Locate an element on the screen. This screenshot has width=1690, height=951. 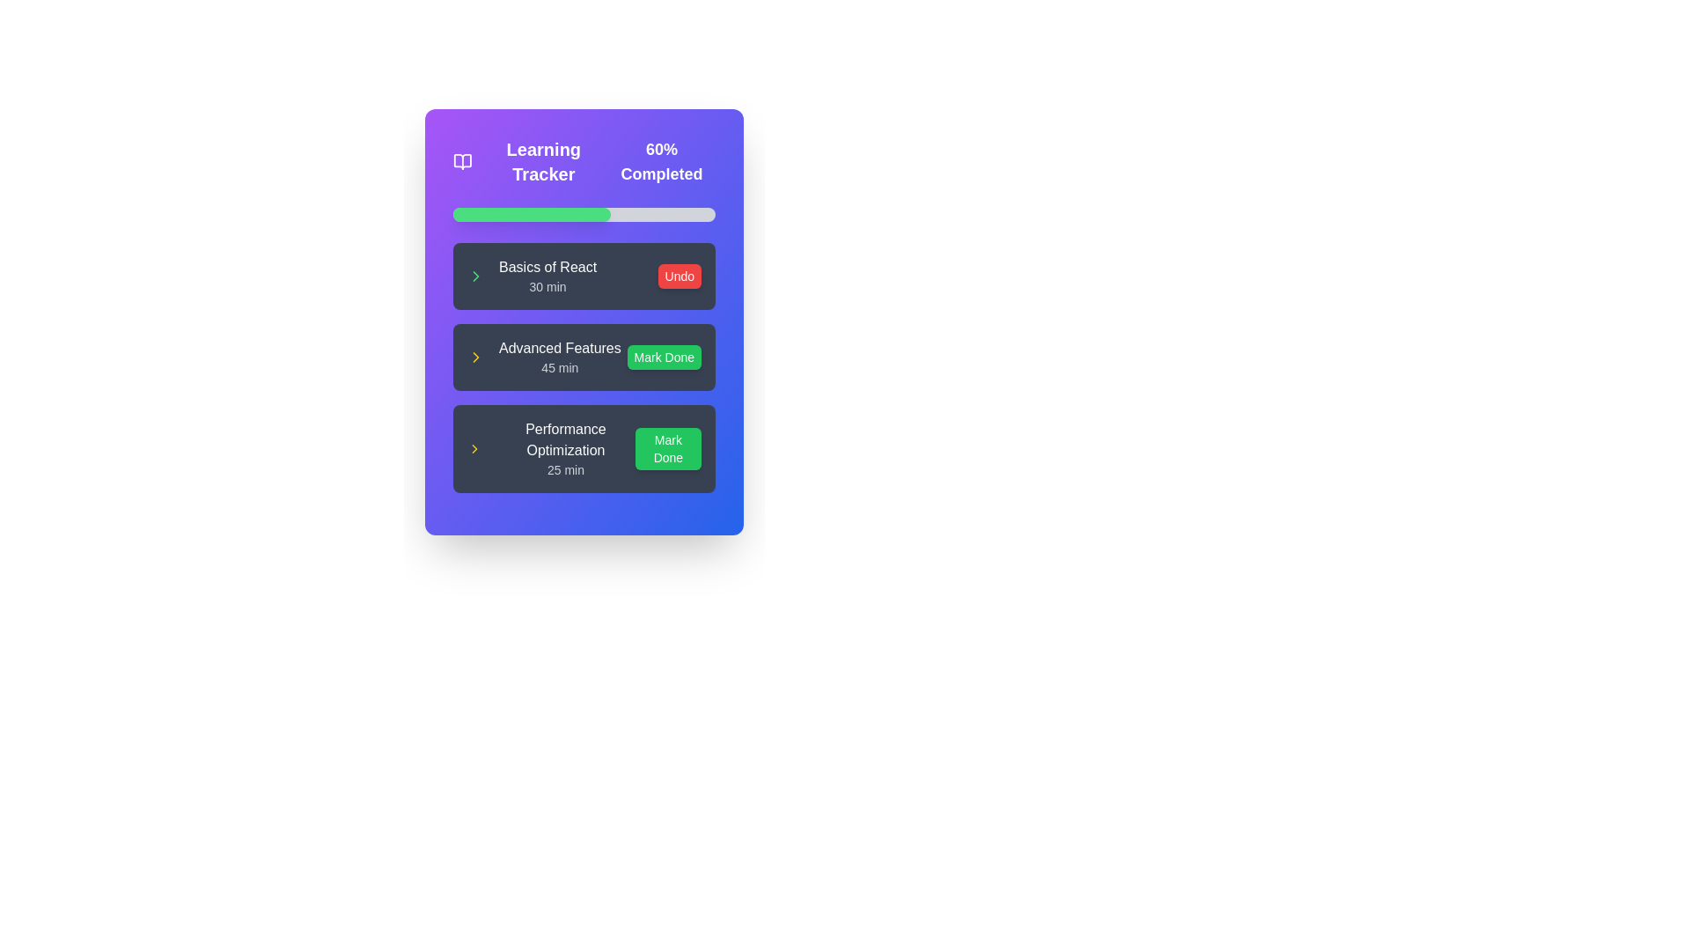
the 'Mark Done' button located on the right side of the 'Advanced Features' list item in the 'Learning Tracker' interface to mark the task as completed is located at coordinates (663, 357).